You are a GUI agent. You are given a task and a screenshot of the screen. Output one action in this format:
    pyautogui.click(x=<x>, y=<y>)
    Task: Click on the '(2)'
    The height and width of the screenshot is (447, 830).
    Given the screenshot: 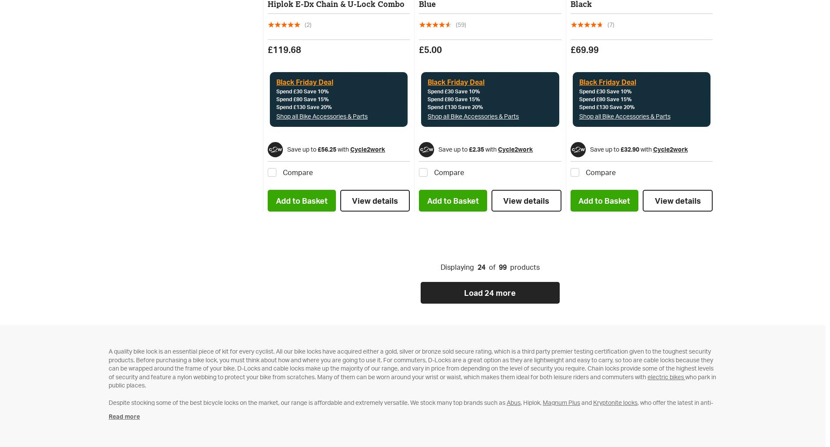 What is the action you would take?
    pyautogui.click(x=304, y=24)
    